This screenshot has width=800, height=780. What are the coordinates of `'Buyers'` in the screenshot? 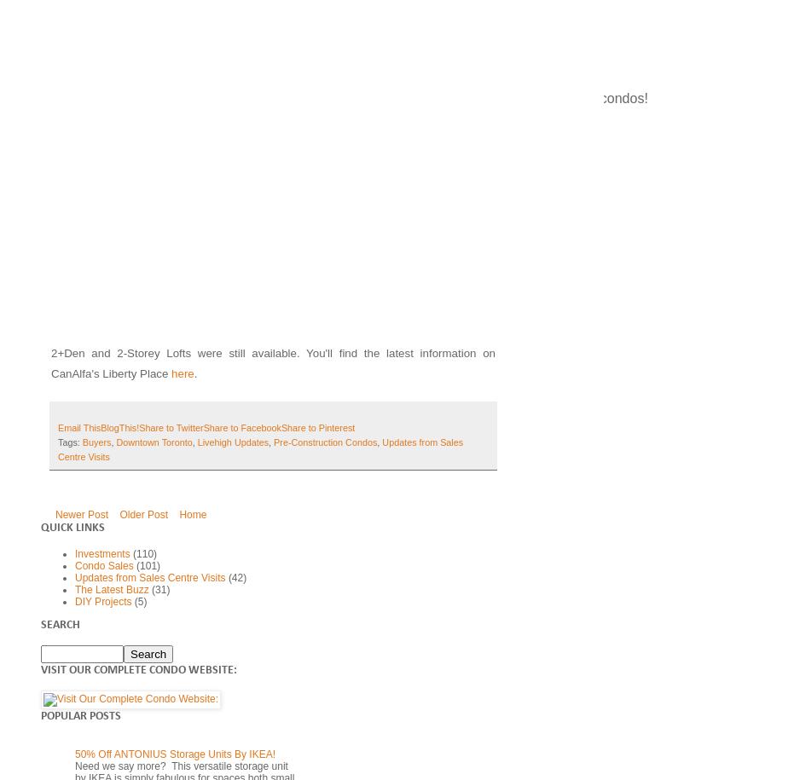 It's located at (96, 442).